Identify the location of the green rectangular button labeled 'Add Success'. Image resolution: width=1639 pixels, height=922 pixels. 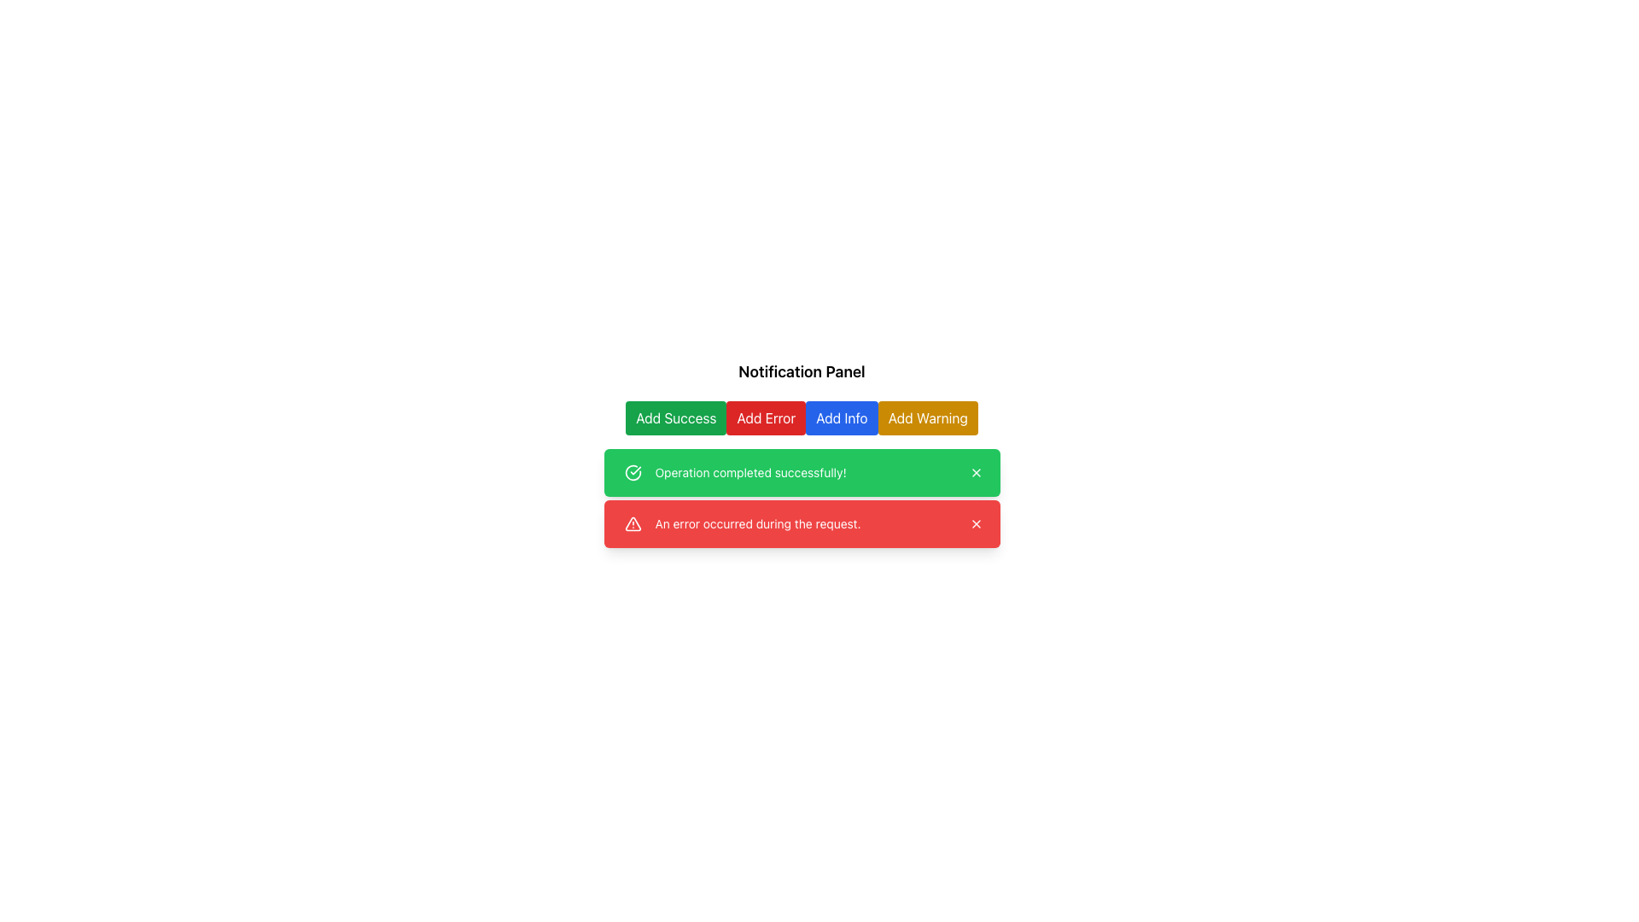
(675, 417).